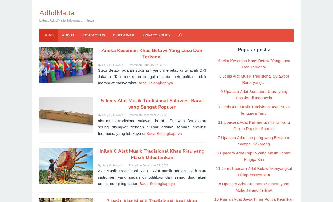 The image size is (333, 202). I want to click on '8 Upacara Adat Papua yang Masih Lestari Hingga Kini', so click(253, 156).